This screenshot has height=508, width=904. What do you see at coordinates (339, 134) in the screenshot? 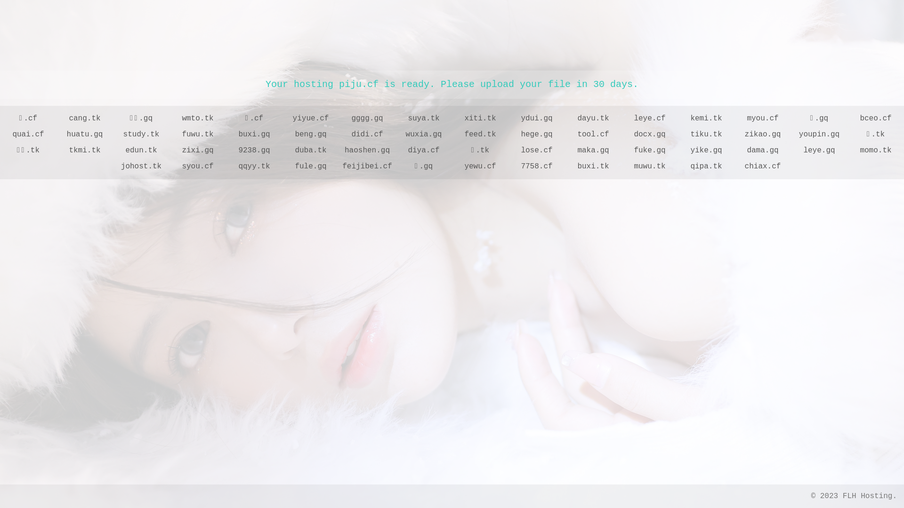
I see `'didi.cf'` at bounding box center [339, 134].